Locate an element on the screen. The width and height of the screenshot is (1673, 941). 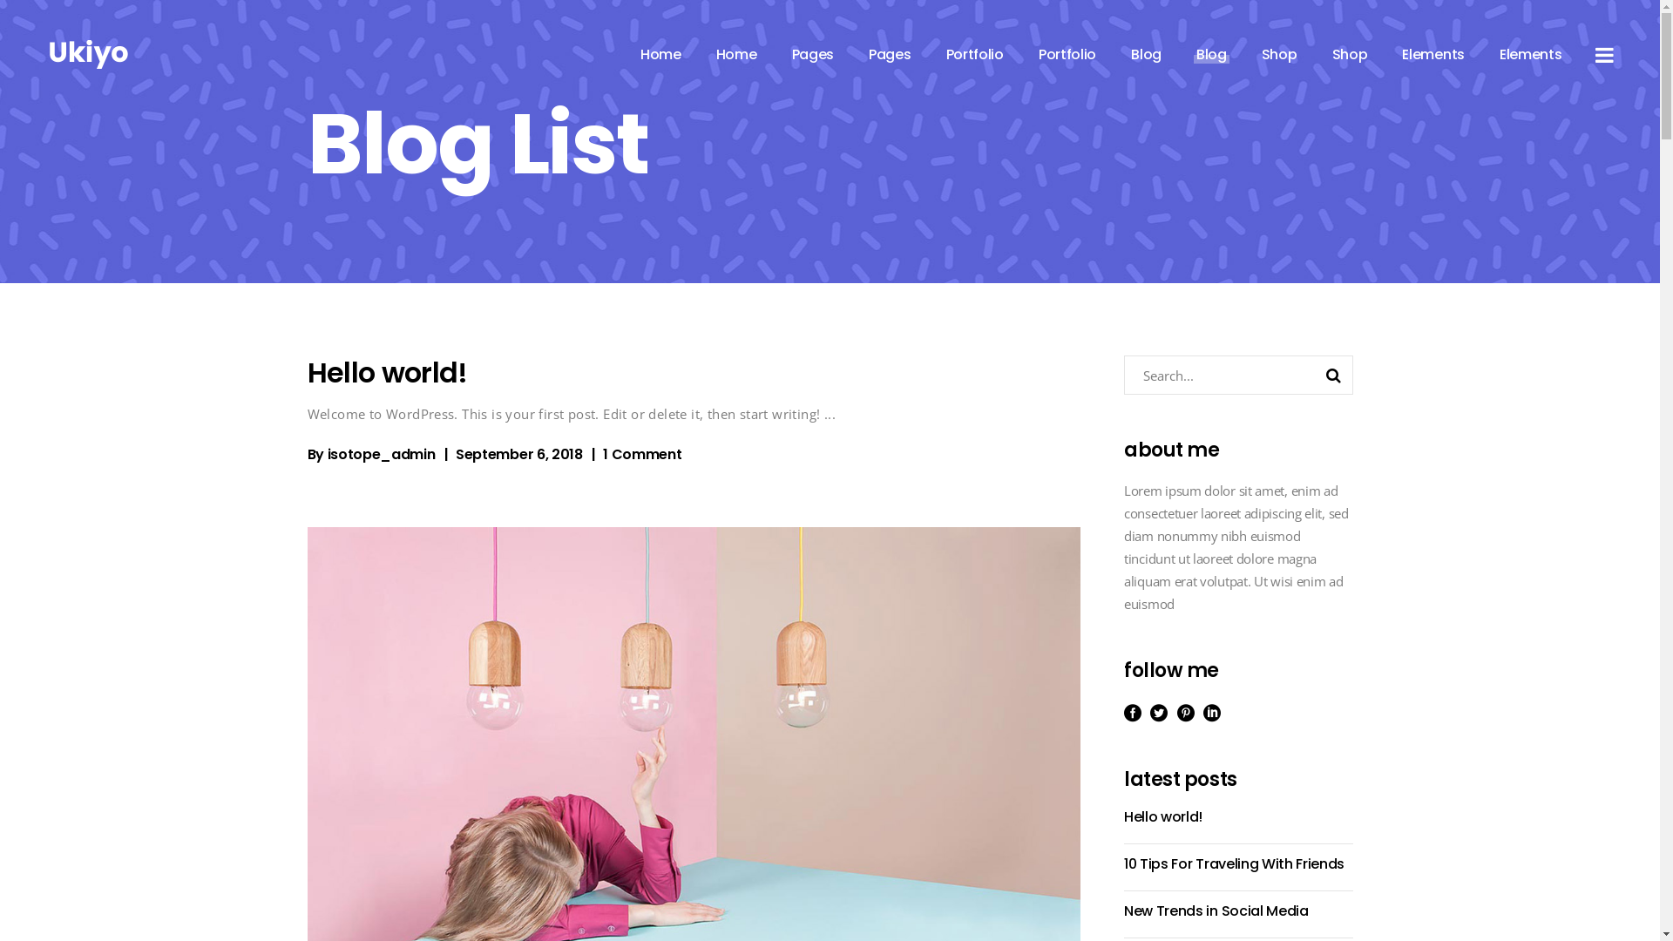
'Shop' is located at coordinates (1279, 53).